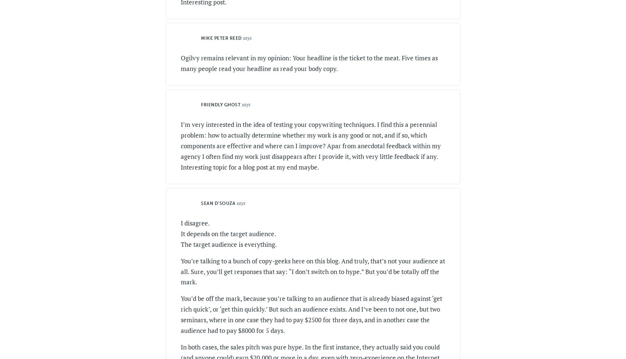 This screenshot has height=359, width=626. I want to click on 'Sean D'Souza', so click(201, 203).